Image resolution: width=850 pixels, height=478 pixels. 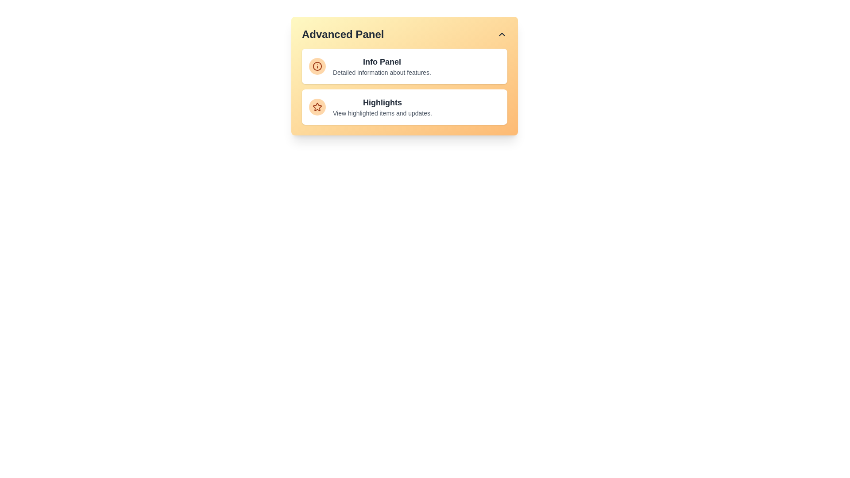 What do you see at coordinates (317, 107) in the screenshot?
I see `the icon corresponding to Highlights` at bounding box center [317, 107].